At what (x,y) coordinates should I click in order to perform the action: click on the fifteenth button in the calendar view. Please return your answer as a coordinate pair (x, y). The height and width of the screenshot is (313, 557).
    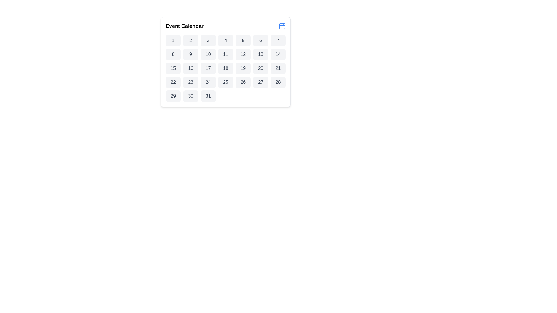
    Looking at the image, I should click on (173, 68).